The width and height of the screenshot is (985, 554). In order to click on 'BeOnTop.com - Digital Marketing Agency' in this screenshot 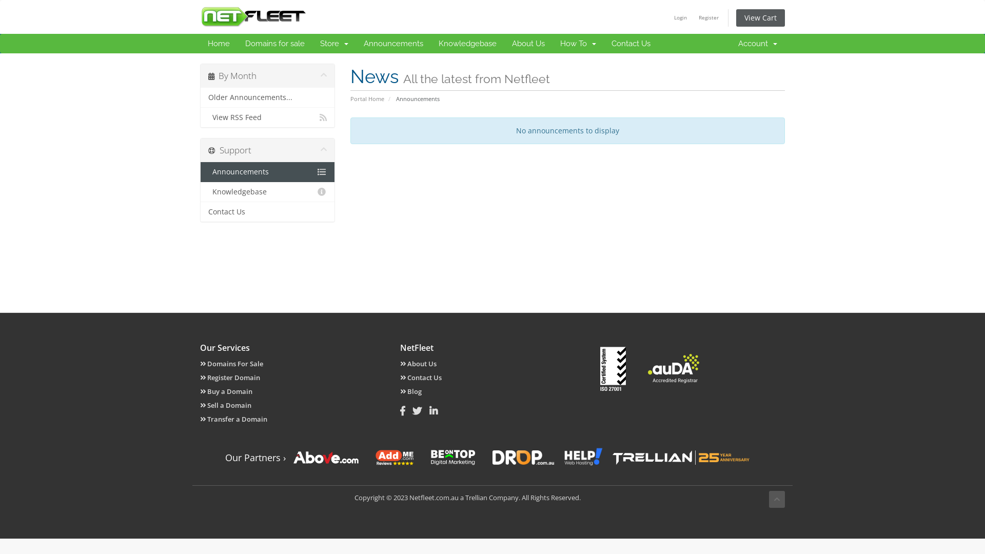, I will do `click(452, 457)`.